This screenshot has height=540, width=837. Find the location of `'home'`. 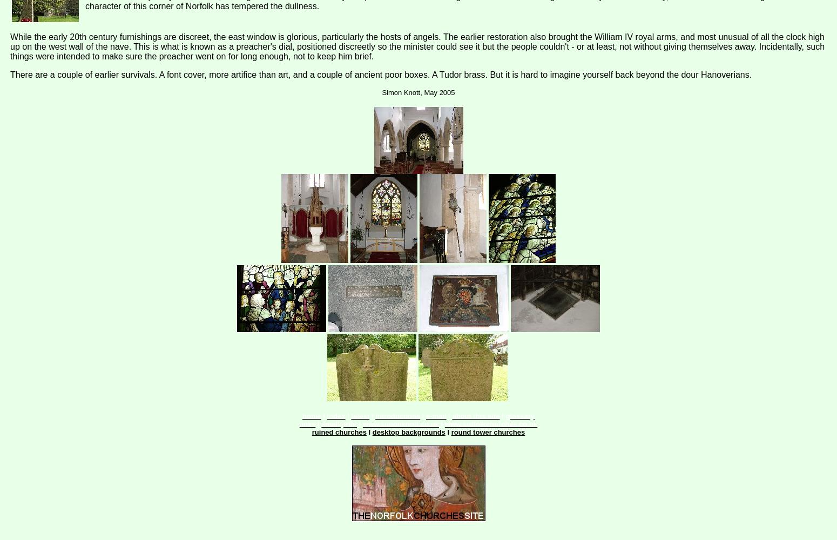

'home' is located at coordinates (302, 416).